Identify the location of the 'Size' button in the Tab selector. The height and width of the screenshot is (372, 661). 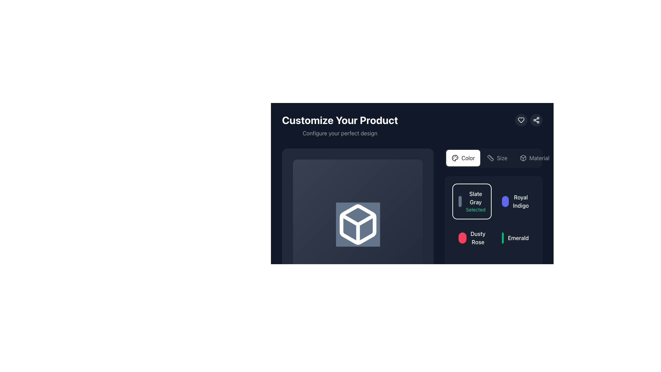
(493, 158).